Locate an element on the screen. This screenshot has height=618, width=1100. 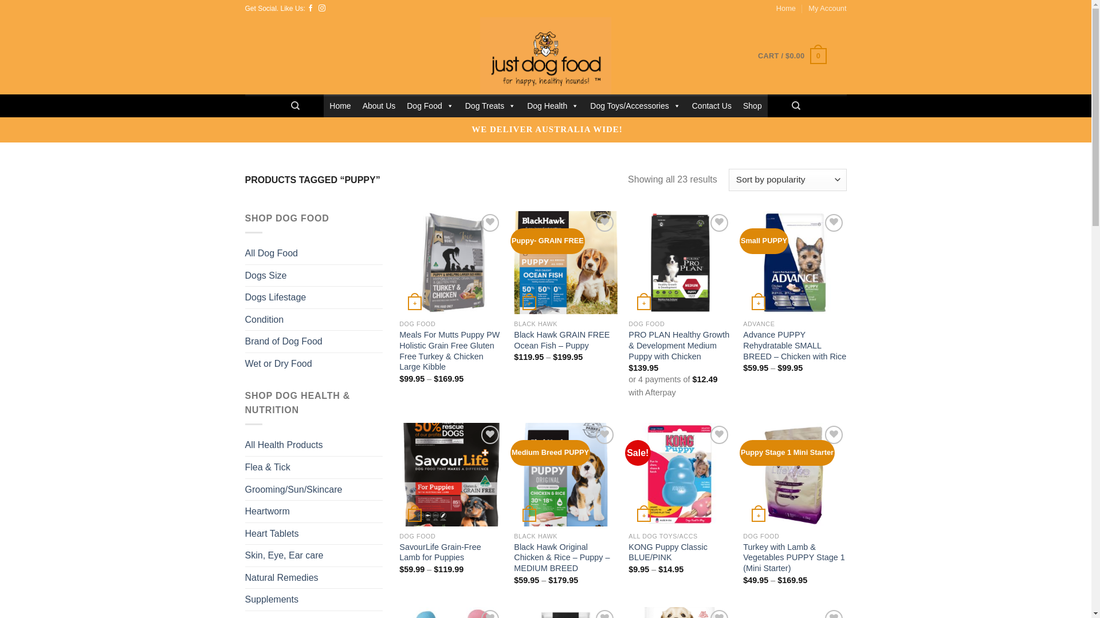
'WE DELIVER AUSTRALIA WIDE!' is located at coordinates (547, 129).